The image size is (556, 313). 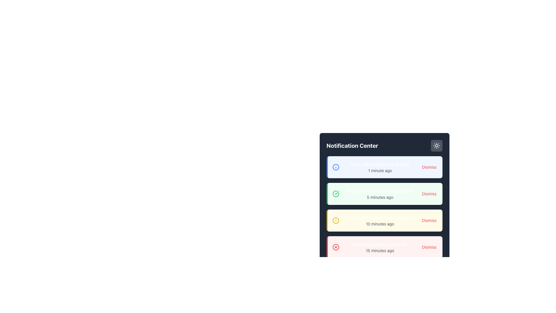 I want to click on the 'Dismiss' button, which is styled in red with rounded corners, located on the right side of the light-green notification card that says 'Your profile has been updated!', so click(x=429, y=194).